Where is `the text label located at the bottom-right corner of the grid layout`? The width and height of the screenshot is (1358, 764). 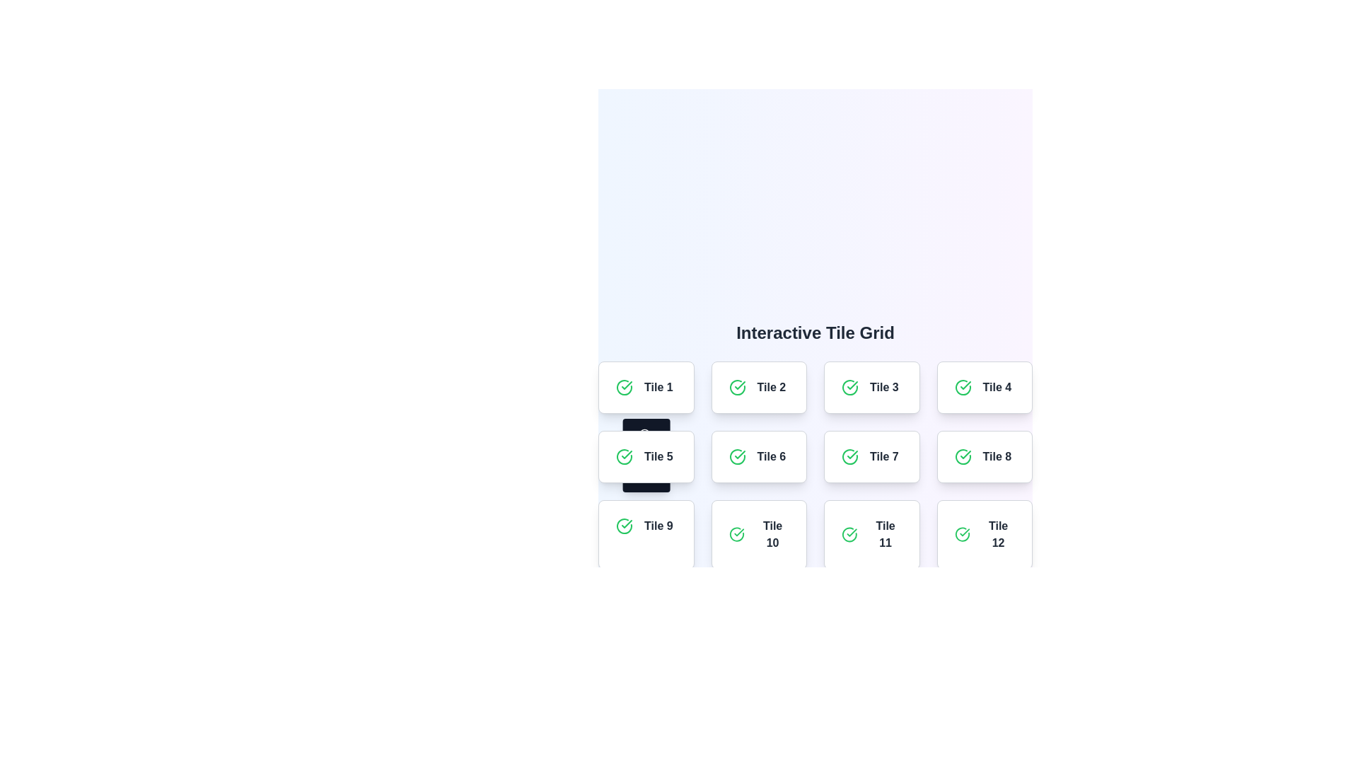
the text label located at the bottom-right corner of the grid layout is located at coordinates (997, 535).